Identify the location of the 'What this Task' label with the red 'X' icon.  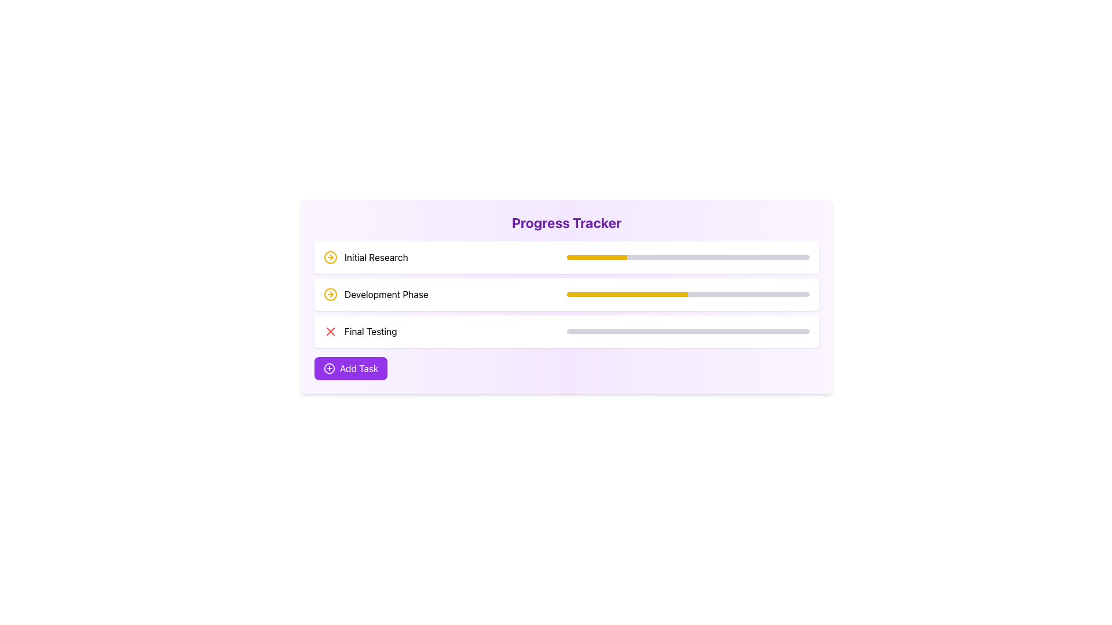
(360, 332).